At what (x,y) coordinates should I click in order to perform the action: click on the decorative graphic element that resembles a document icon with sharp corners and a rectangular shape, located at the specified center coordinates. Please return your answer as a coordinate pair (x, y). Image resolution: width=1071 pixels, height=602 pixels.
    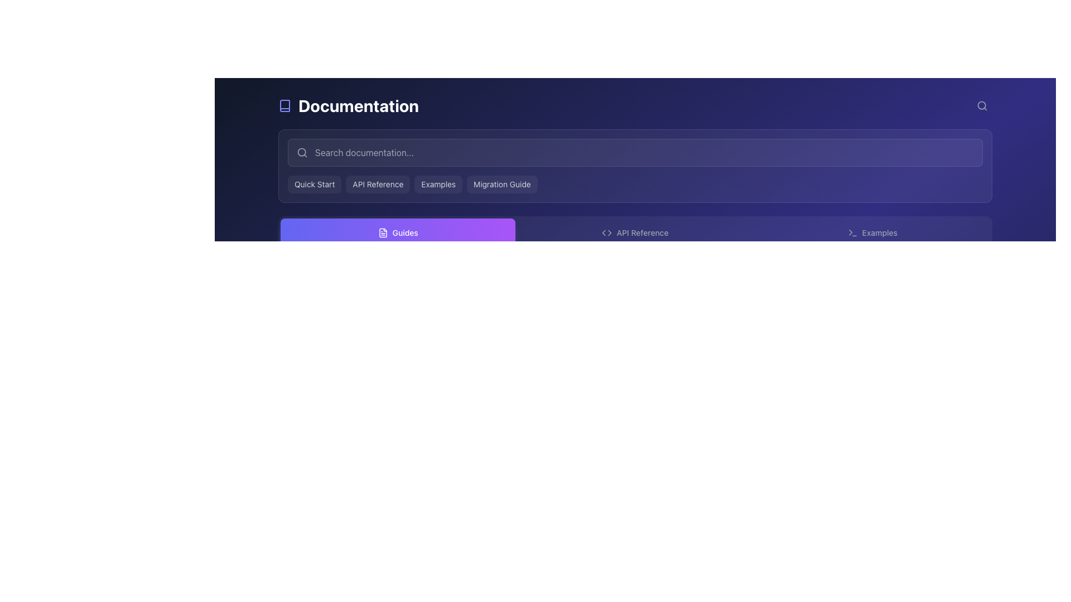
    Looking at the image, I should click on (383, 232).